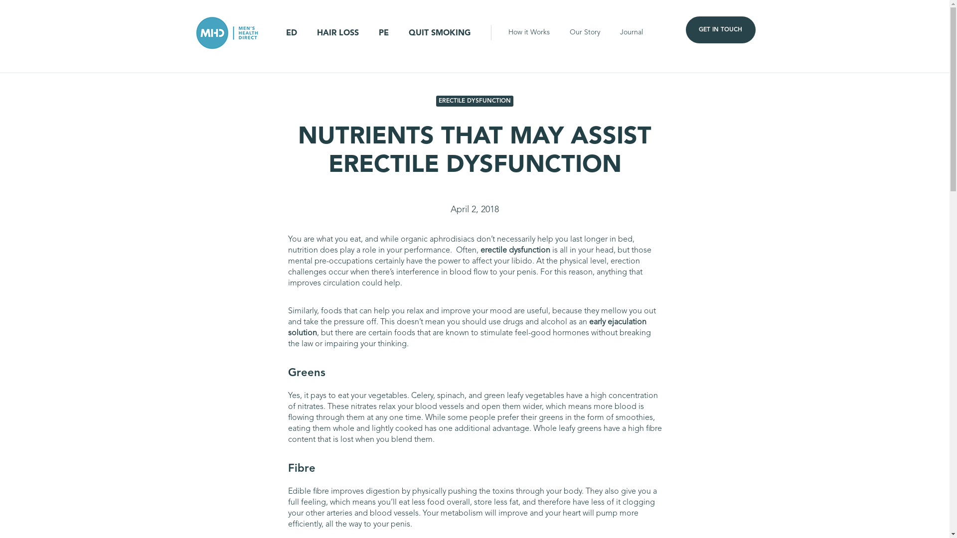 Image resolution: width=957 pixels, height=538 pixels. I want to click on 'ED', so click(291, 32).